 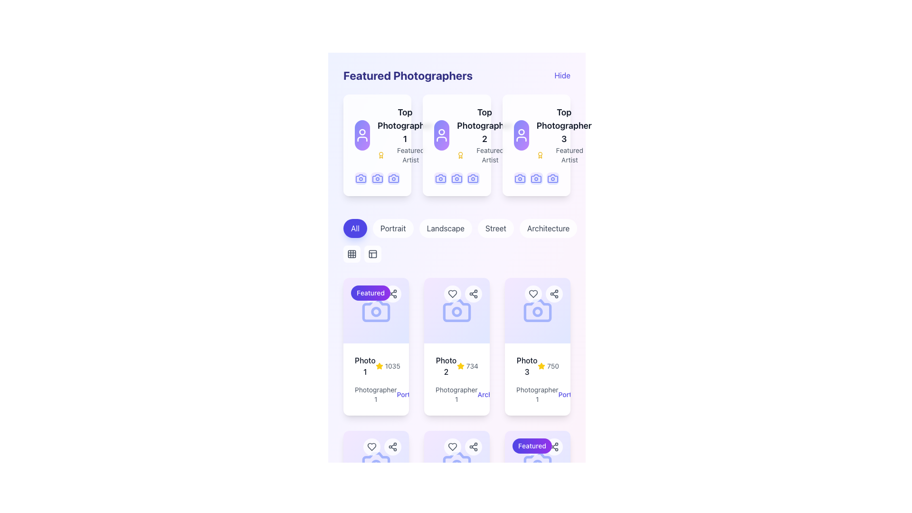 I want to click on the third card in the 'Featured Photographers' section that displays 'Top Photographer 3' and 'Featured Artist' with an award badge icon, so click(x=564, y=135).